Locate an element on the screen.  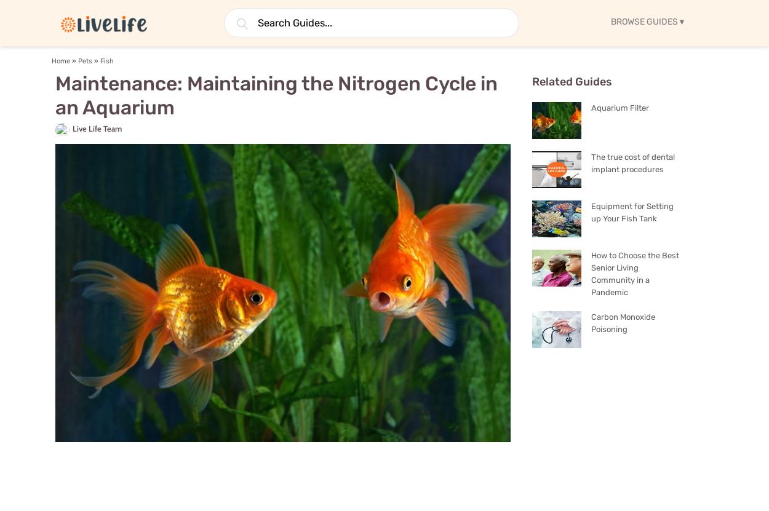
'Equipment for Setting up Your Fish Tank' is located at coordinates (632, 212).